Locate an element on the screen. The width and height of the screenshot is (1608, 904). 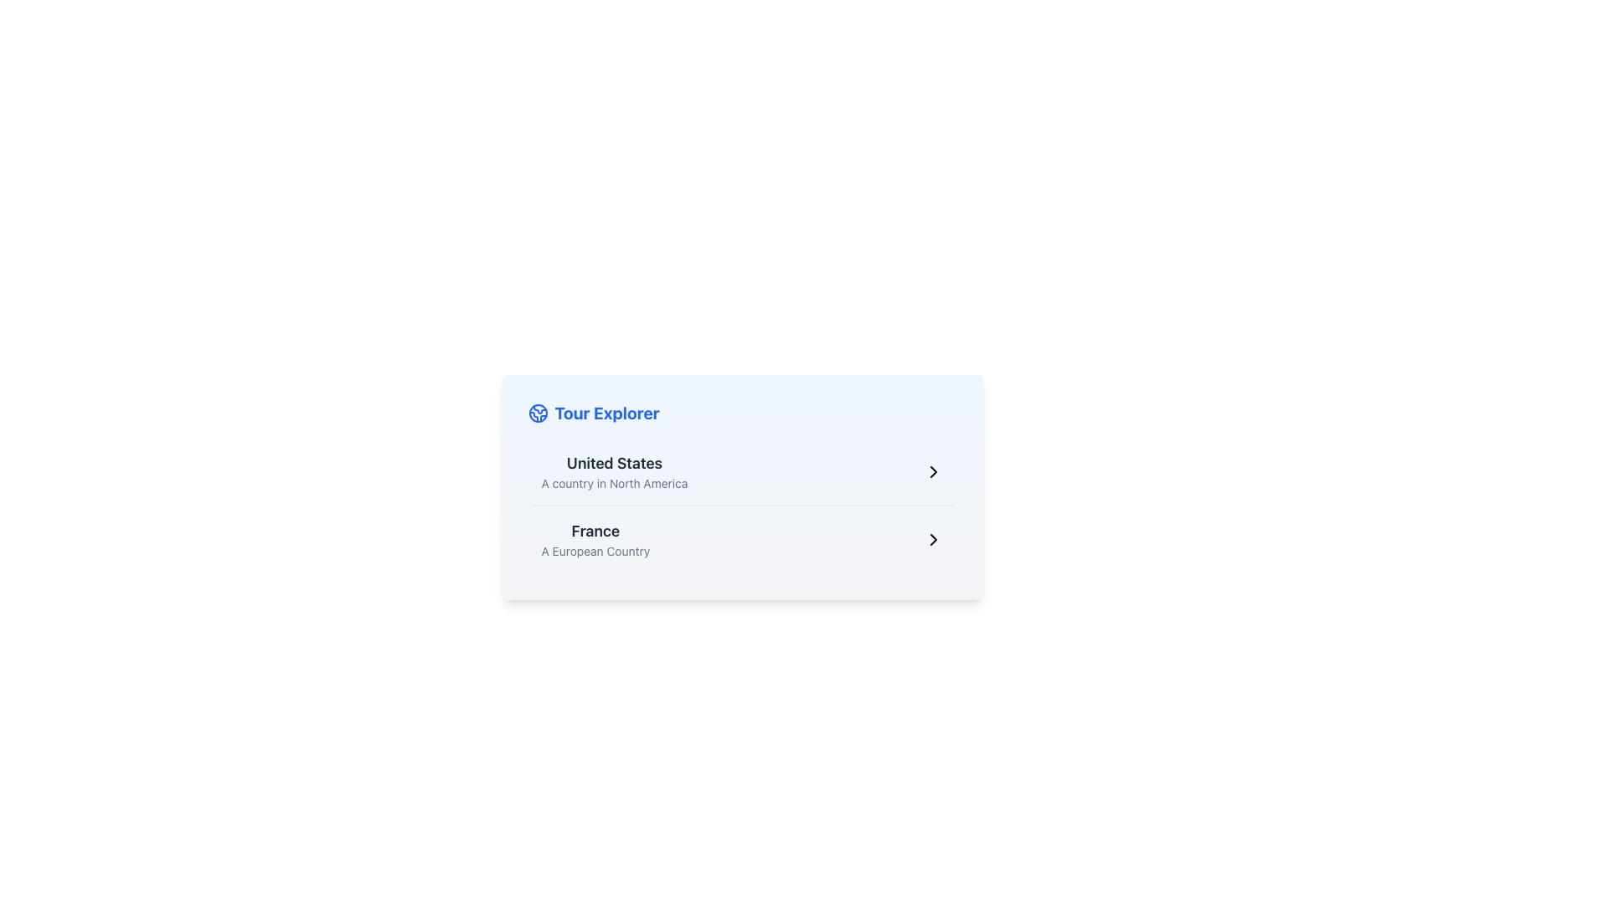
the second list item labeled 'France' which describes 'A European Country' is located at coordinates (595, 539).